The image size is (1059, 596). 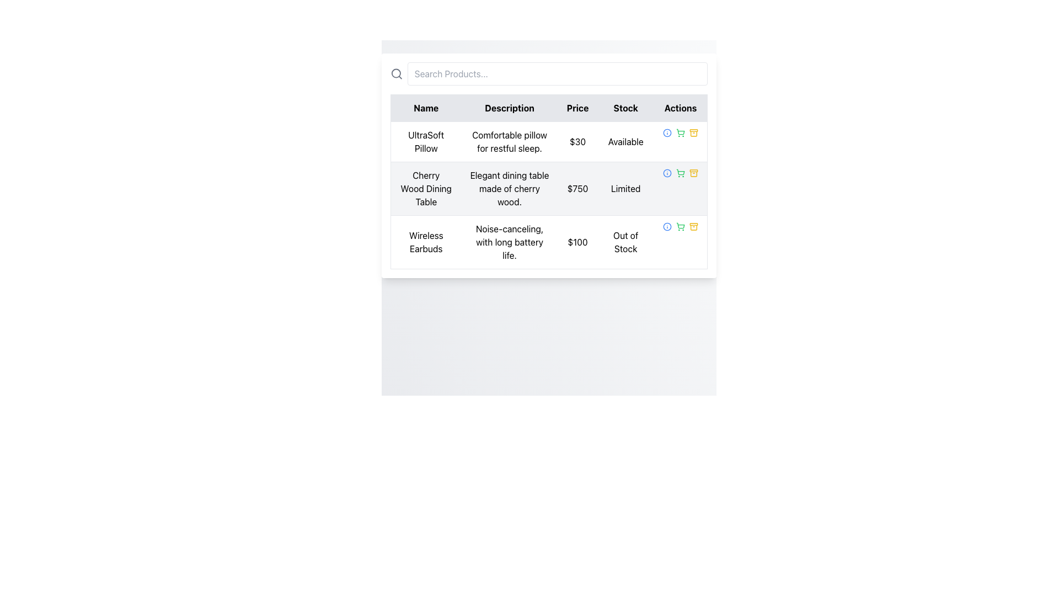 I want to click on the second icon button in the 'Actions' section of the table row for 'Cherry Wood Dining Table', so click(x=680, y=173).